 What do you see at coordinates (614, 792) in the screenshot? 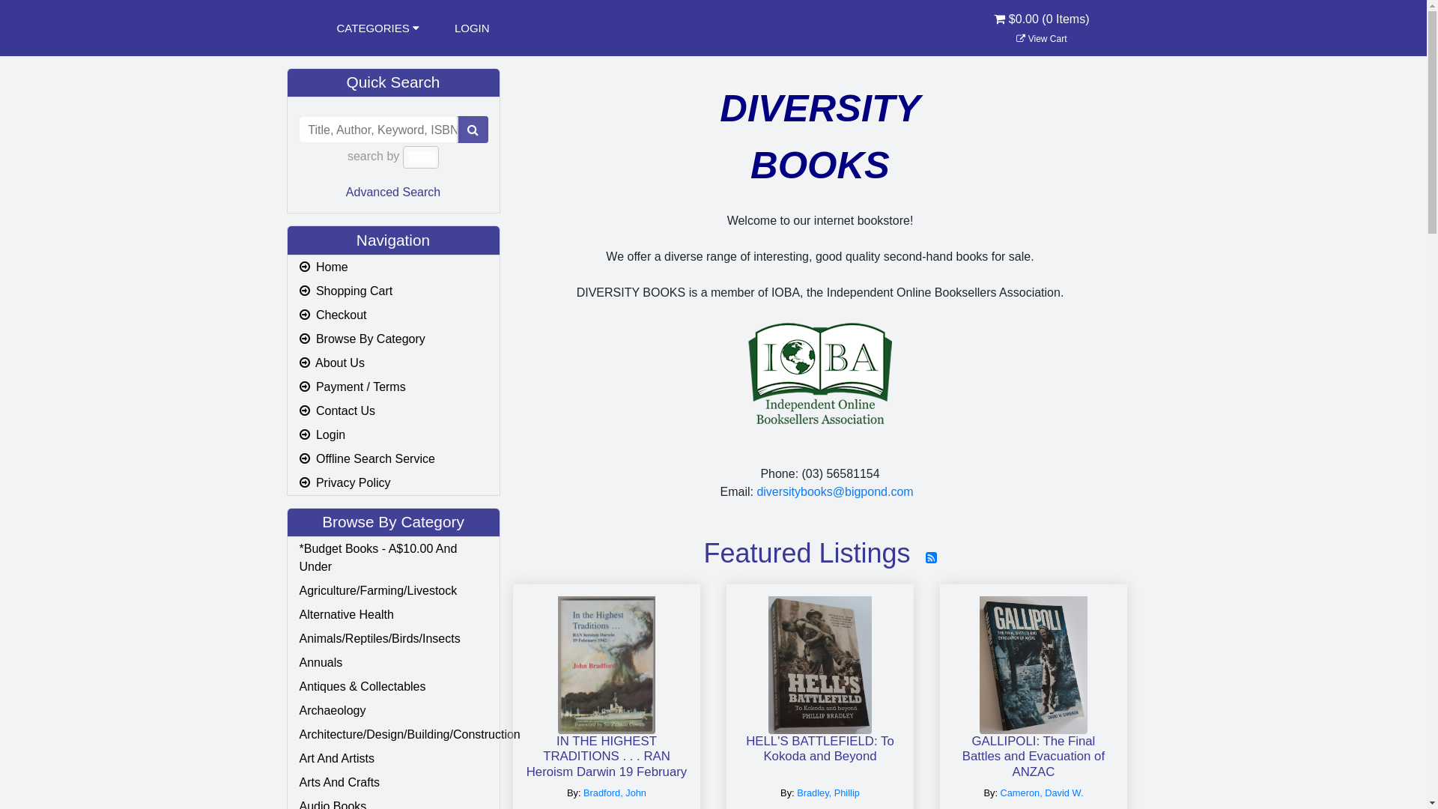
I see `'Bradford, John'` at bounding box center [614, 792].